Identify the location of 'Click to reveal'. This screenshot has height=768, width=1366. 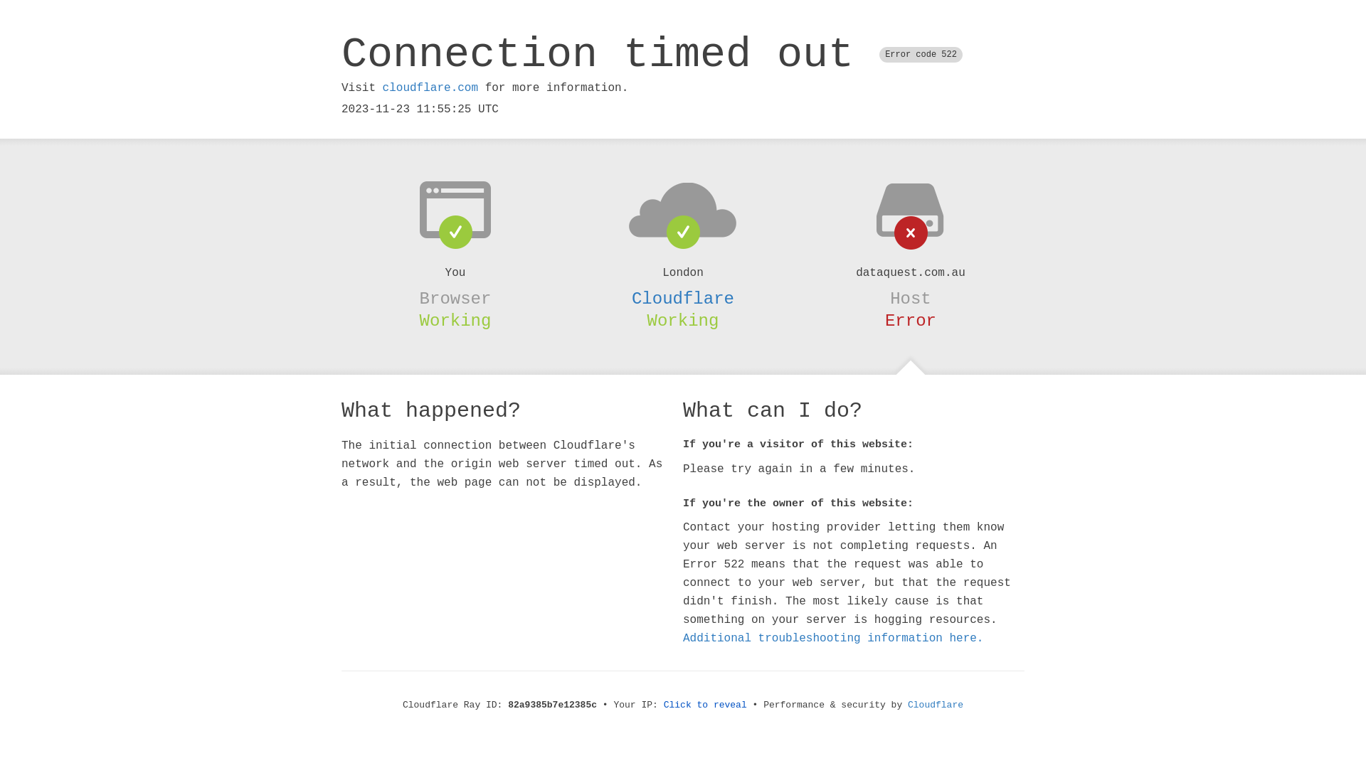
(705, 705).